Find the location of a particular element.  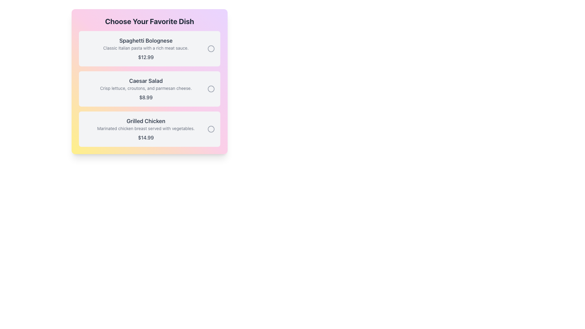

the radio button associated with the 'Grilled Chicken' option, which is a circular icon with a gray border and white background located near the price '$14.99' is located at coordinates (211, 129).